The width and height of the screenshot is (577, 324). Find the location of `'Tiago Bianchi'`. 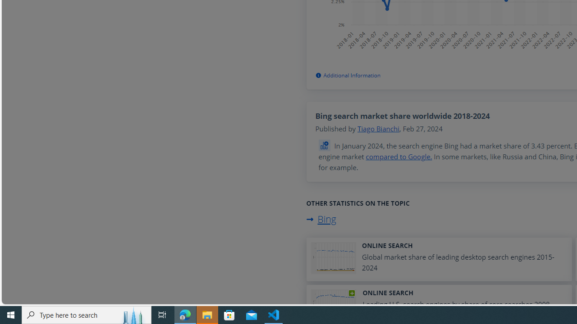

'Tiago Bianchi' is located at coordinates (378, 129).